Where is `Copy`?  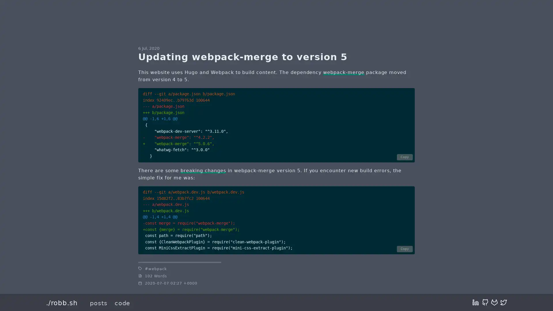 Copy is located at coordinates (404, 157).